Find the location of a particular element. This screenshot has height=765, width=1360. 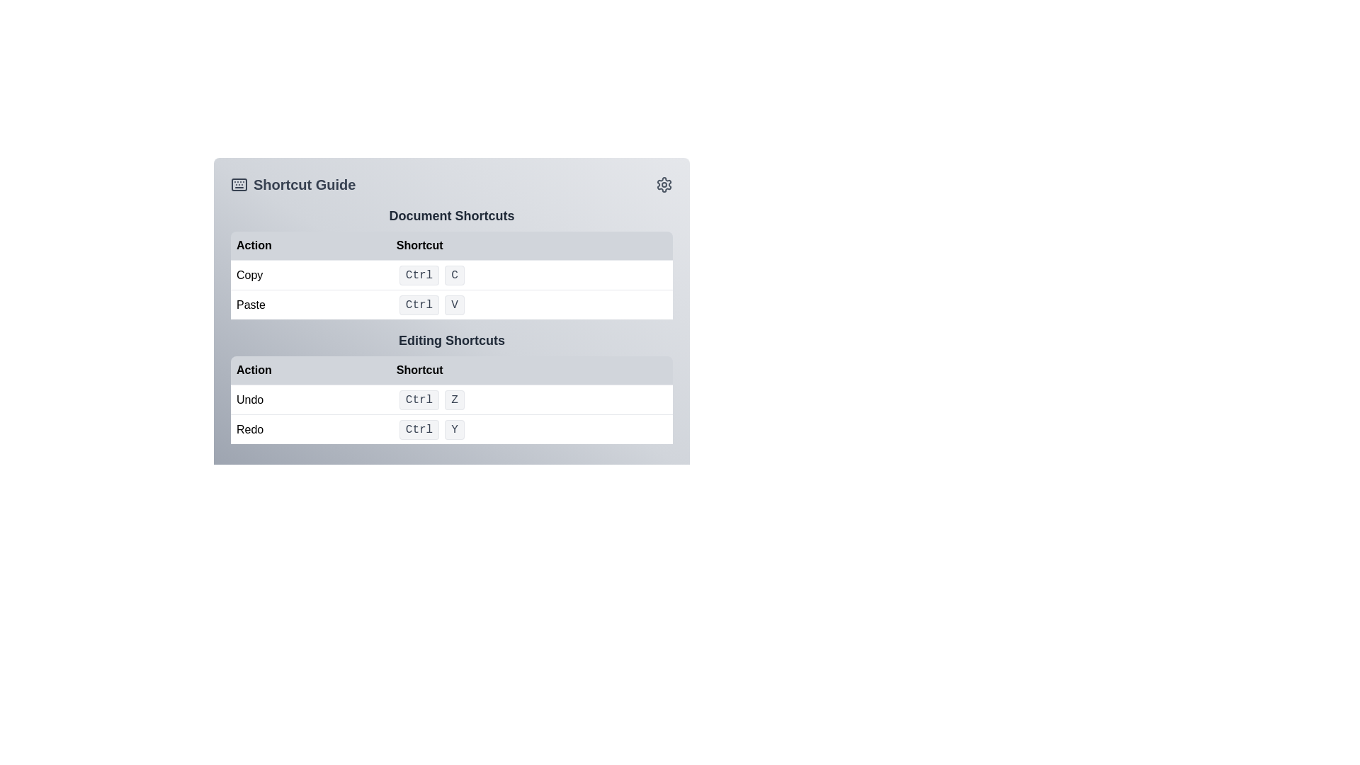

the 'Undo' and 'Redo' keyboard shortcuts display element in the 'Editing Shortcuts' section of the 'Shortcut Guide' interface is located at coordinates (451, 414).